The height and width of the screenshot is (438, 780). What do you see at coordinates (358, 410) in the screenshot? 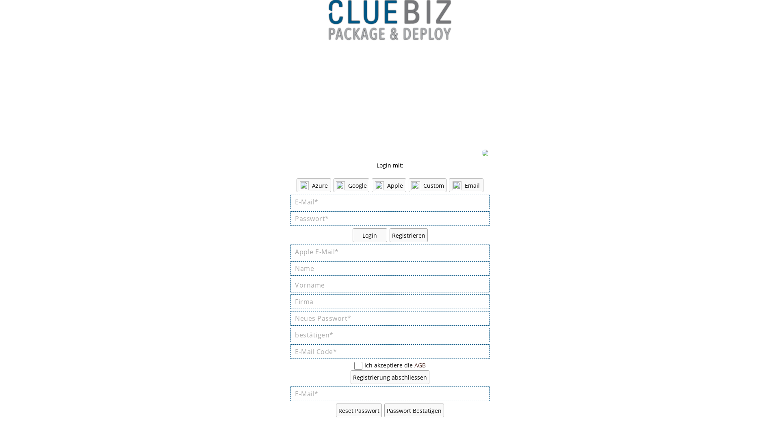
I see `'Reset Passwort'` at bounding box center [358, 410].